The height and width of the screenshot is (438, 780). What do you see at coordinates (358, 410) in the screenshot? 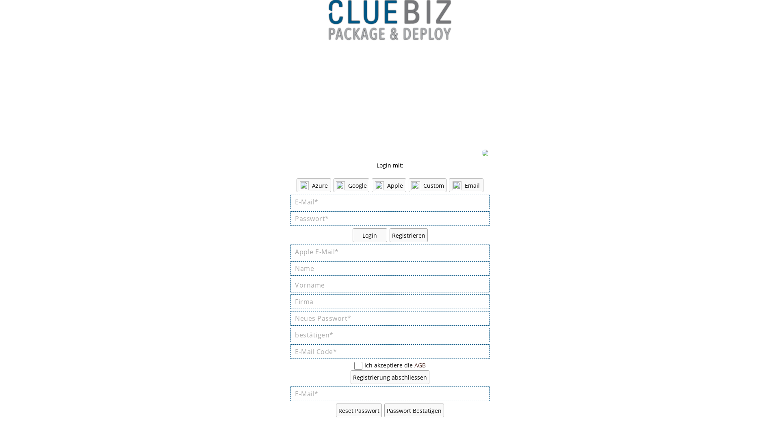
I see `'Reset Passwort'` at bounding box center [358, 410].